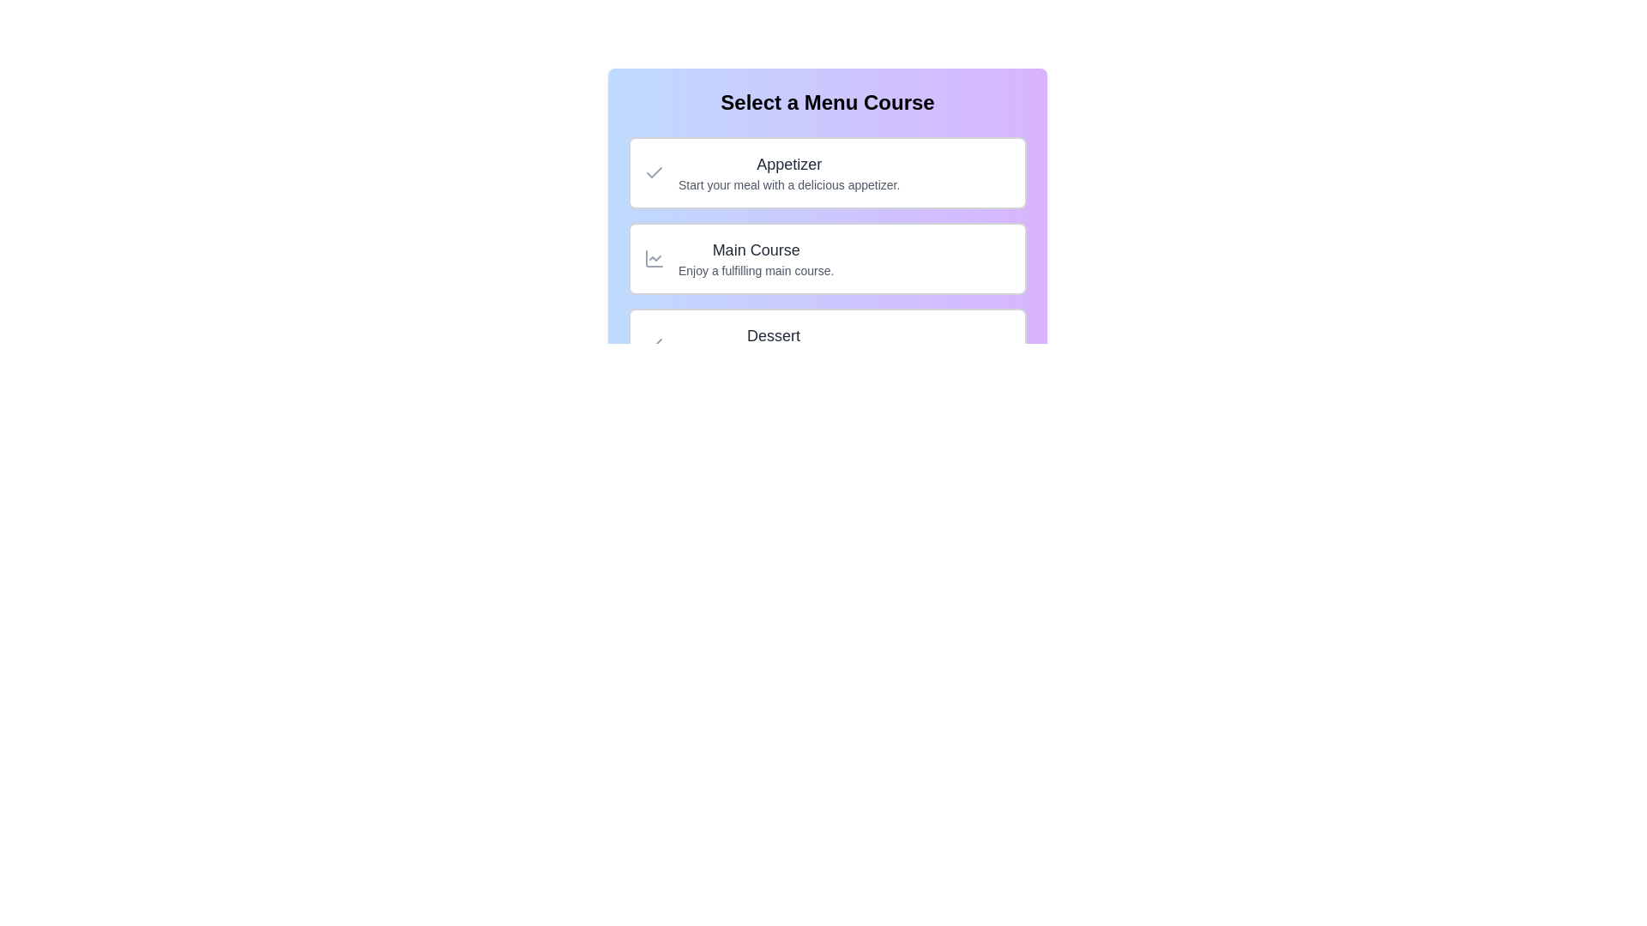  What do you see at coordinates (788, 185) in the screenshot?
I see `the Text Label providing additional information regarding the 'Appetizer' category` at bounding box center [788, 185].